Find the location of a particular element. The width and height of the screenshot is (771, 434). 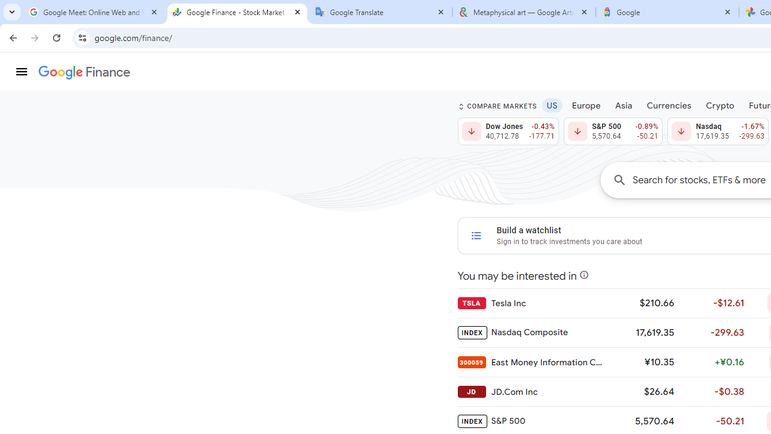

'Europe' is located at coordinates (586, 104).